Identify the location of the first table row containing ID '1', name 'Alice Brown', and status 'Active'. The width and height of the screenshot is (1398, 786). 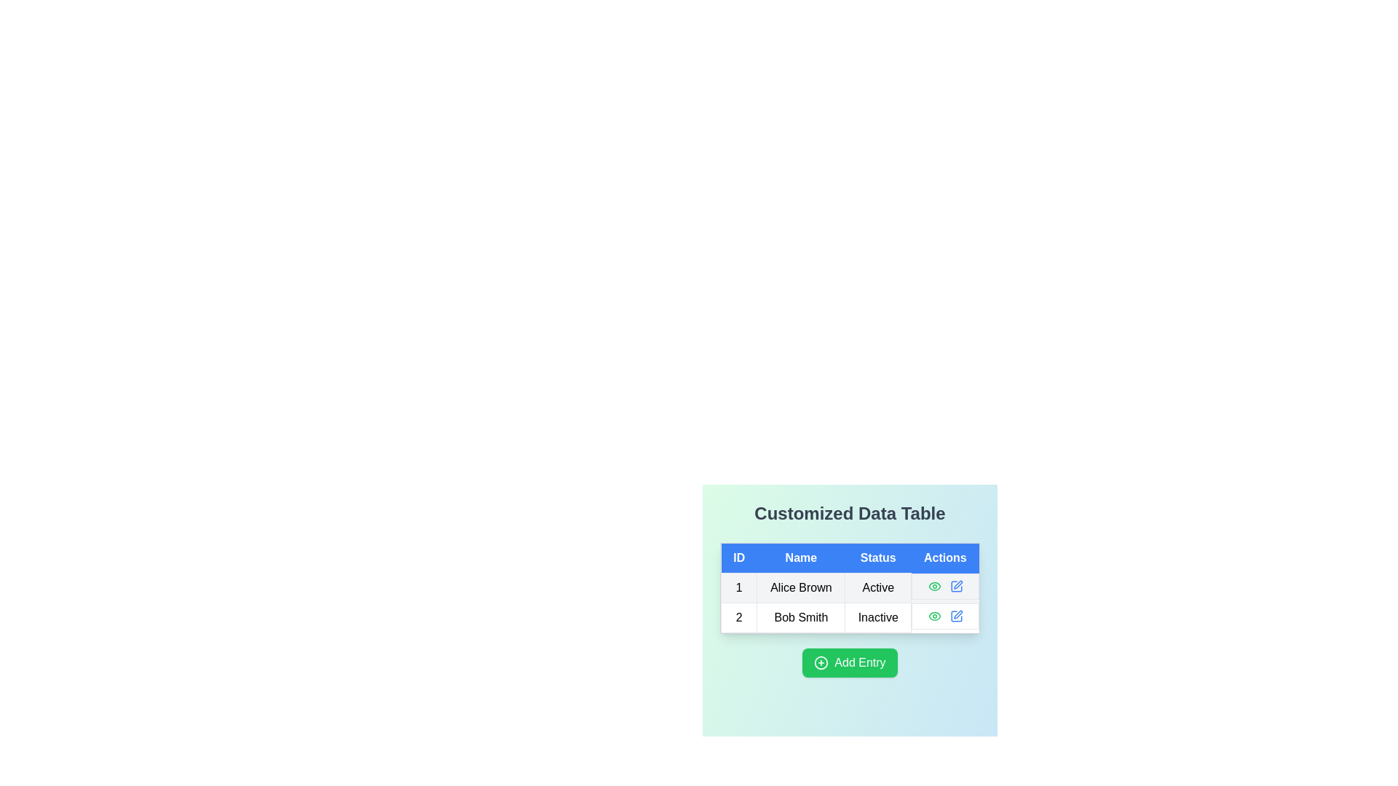
(850, 587).